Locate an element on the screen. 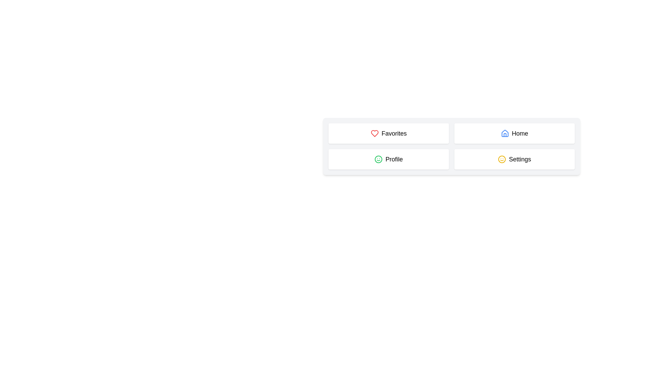 The image size is (653, 367). the 'Favorites' button, which features a red heart icon and is located in the top-left corner of the 2x2 grid layout is located at coordinates (388, 134).